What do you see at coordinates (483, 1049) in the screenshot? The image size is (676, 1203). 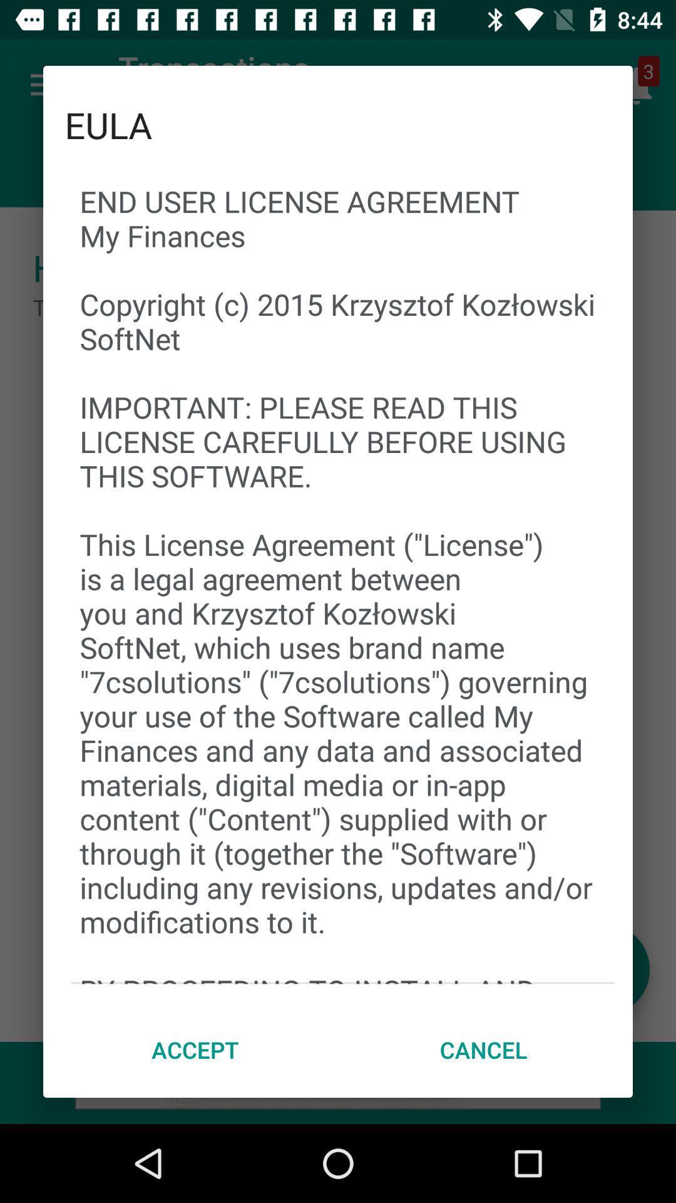 I see `icon below end user license item` at bounding box center [483, 1049].